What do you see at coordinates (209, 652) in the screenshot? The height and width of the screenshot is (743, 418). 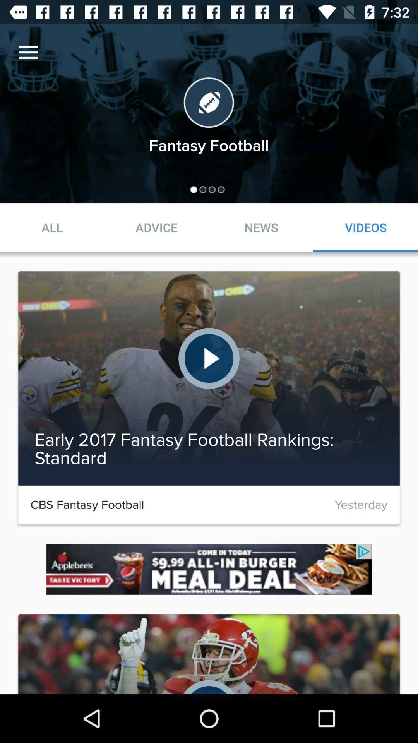 I see `the image which is below meal deal image` at bounding box center [209, 652].